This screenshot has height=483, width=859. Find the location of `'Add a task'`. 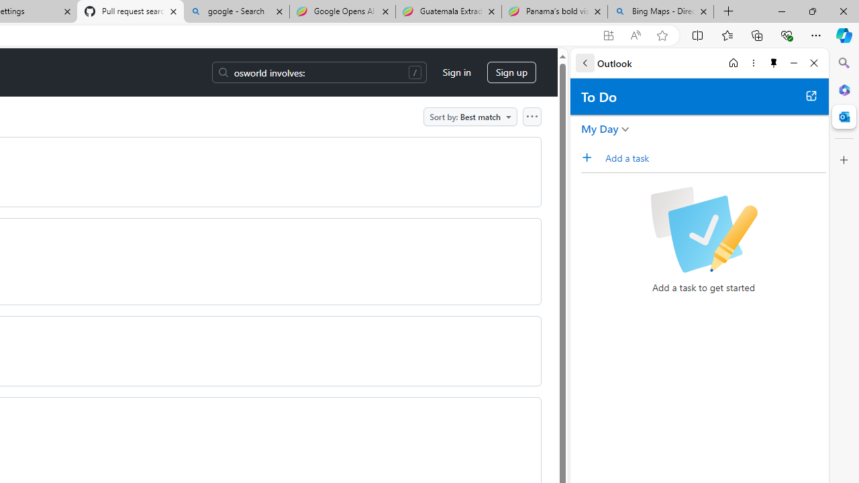

'Add a task' is located at coordinates (591, 157).